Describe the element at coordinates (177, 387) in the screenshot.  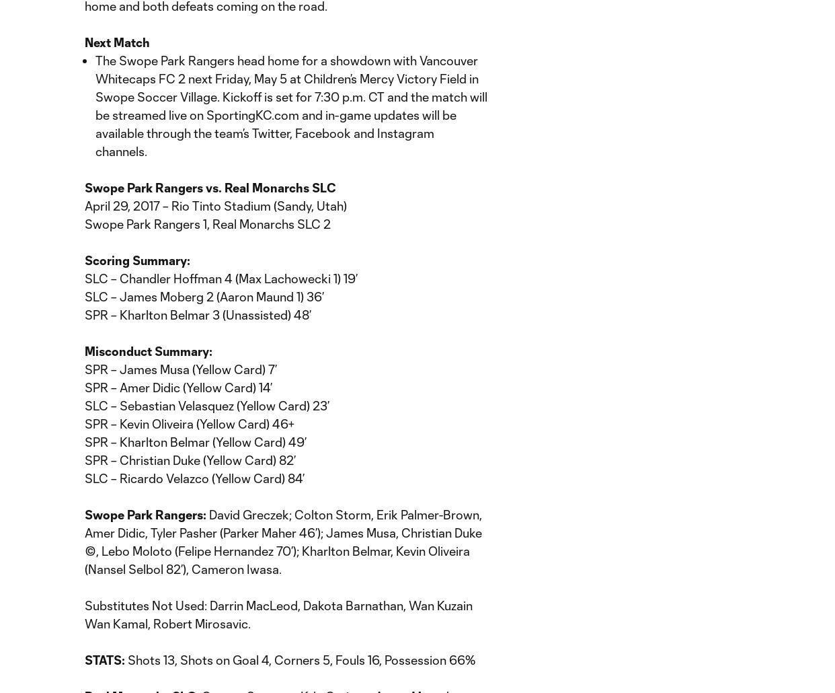
I see `'SPR – Amer Didic (Yellow Card) 14’'` at that location.